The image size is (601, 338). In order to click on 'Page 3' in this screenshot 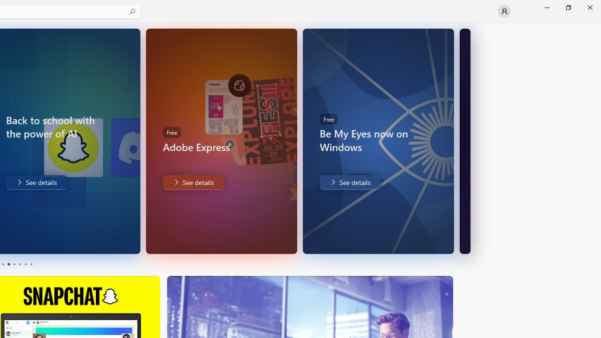, I will do `click(14, 264)`.